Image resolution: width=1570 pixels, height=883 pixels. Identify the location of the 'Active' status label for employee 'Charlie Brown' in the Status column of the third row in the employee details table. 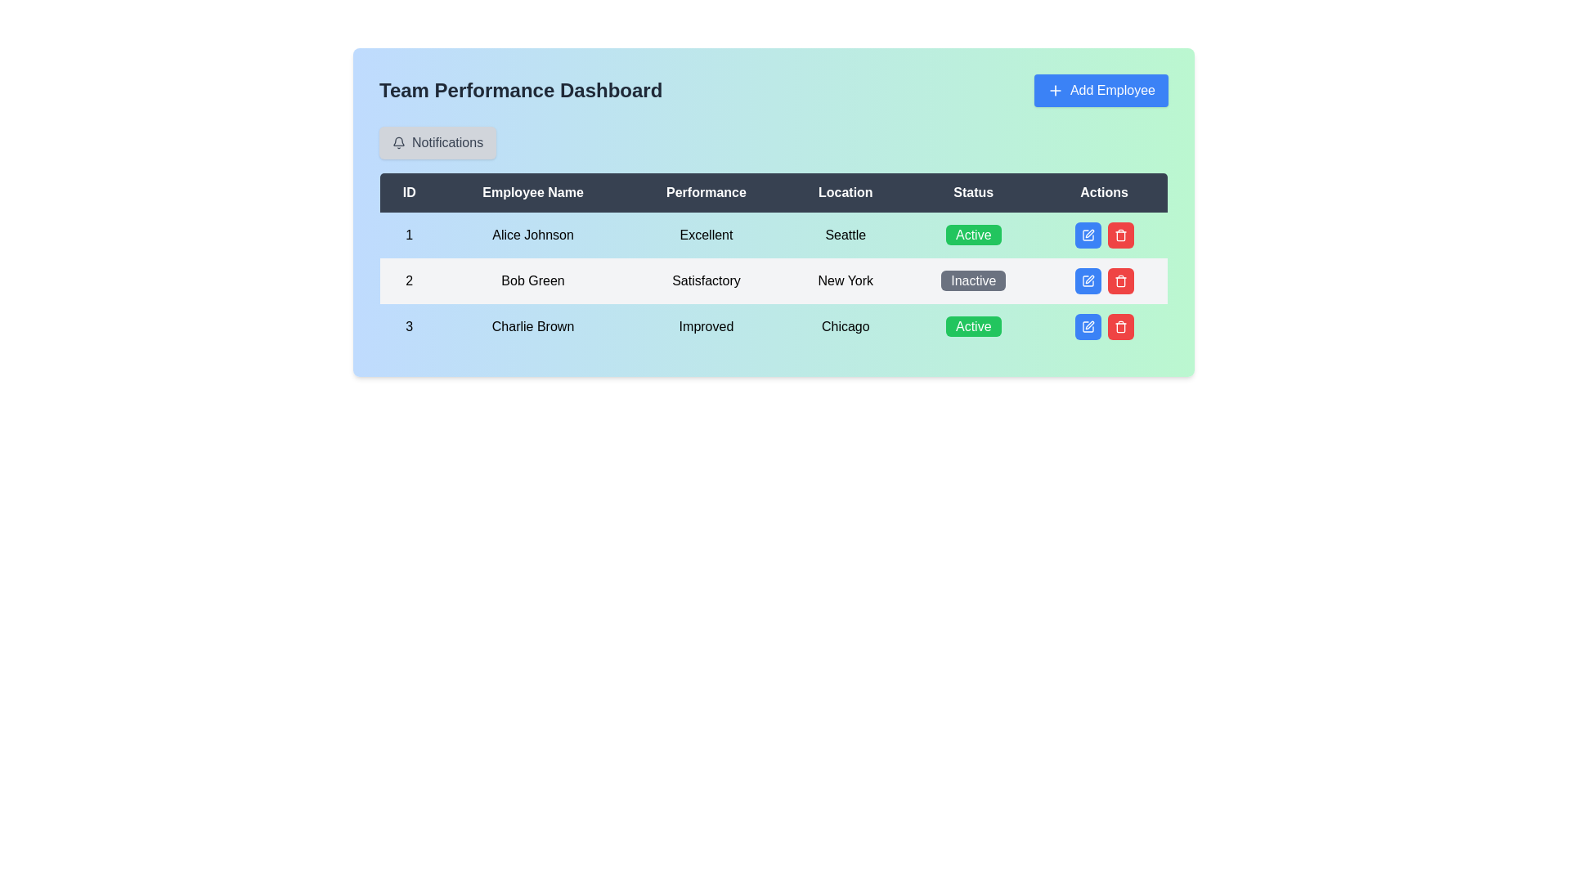
(973, 327).